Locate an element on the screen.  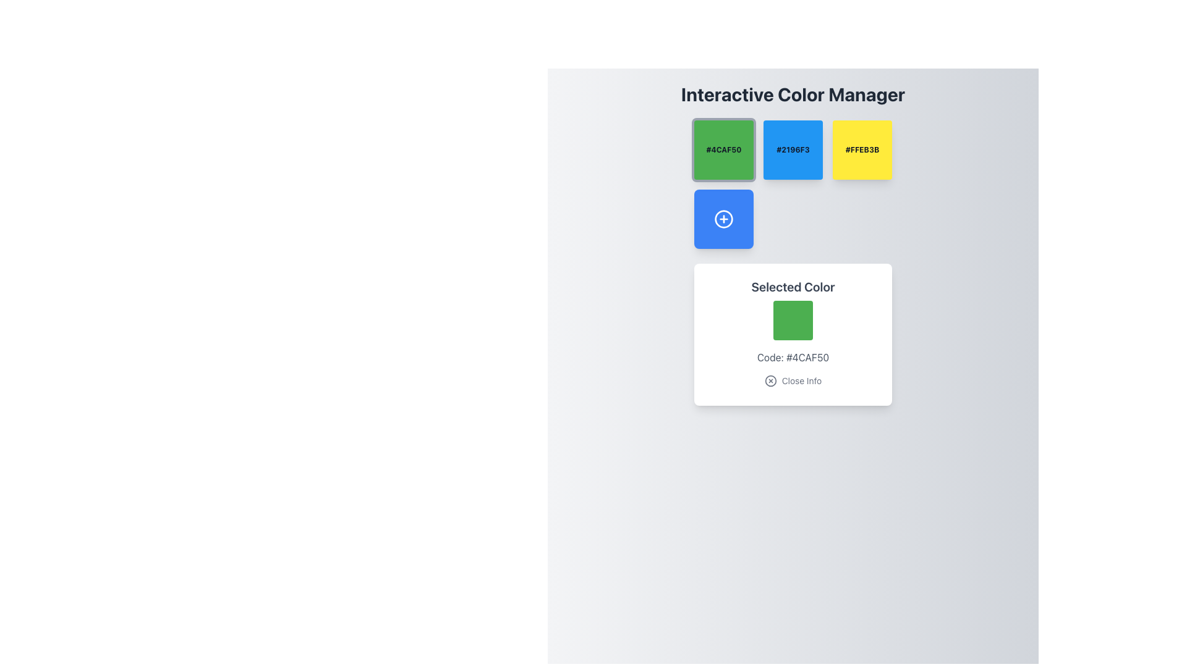
the color block within the group of selectable color options located at the upper part of the display is located at coordinates (793, 185).